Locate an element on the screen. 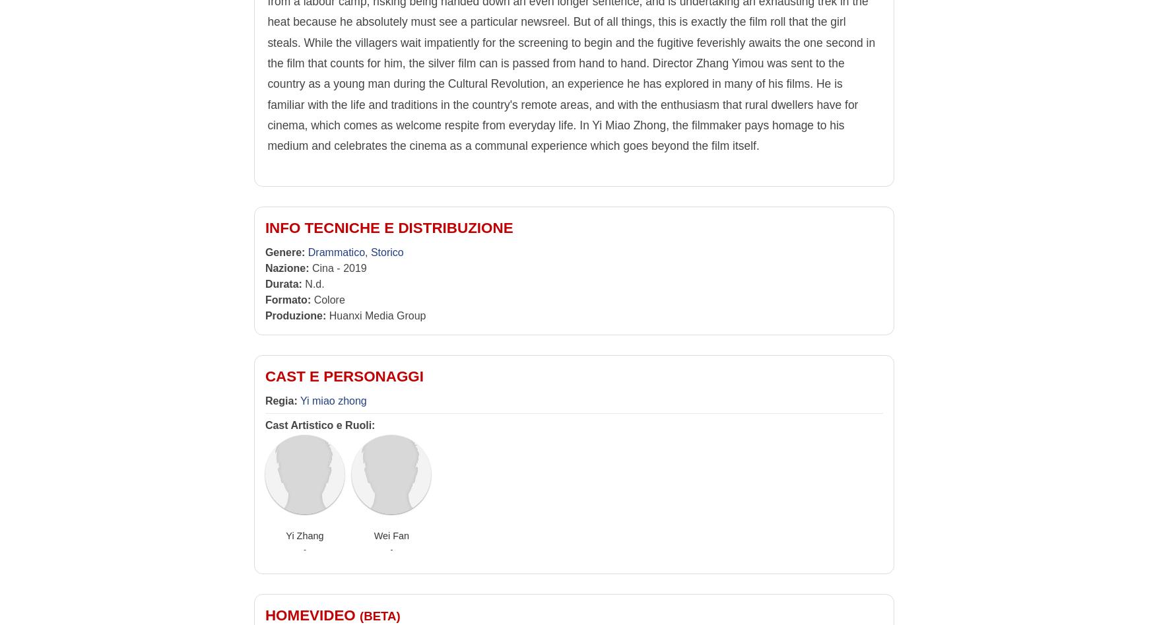 Image resolution: width=1155 pixels, height=625 pixels. 'HomeVideo' is located at coordinates (312, 614).